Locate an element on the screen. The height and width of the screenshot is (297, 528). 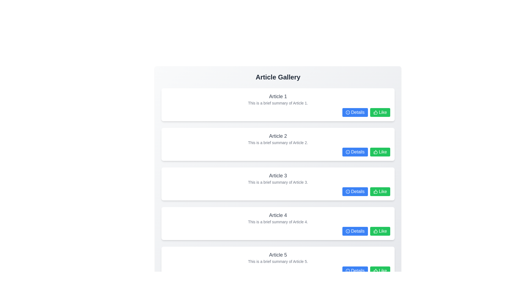
the 'Details' button which contains an information icon with a blue circular outline and a lowercase 'i' inside, positioned to the left of the text 'Details' is located at coordinates (347, 112).